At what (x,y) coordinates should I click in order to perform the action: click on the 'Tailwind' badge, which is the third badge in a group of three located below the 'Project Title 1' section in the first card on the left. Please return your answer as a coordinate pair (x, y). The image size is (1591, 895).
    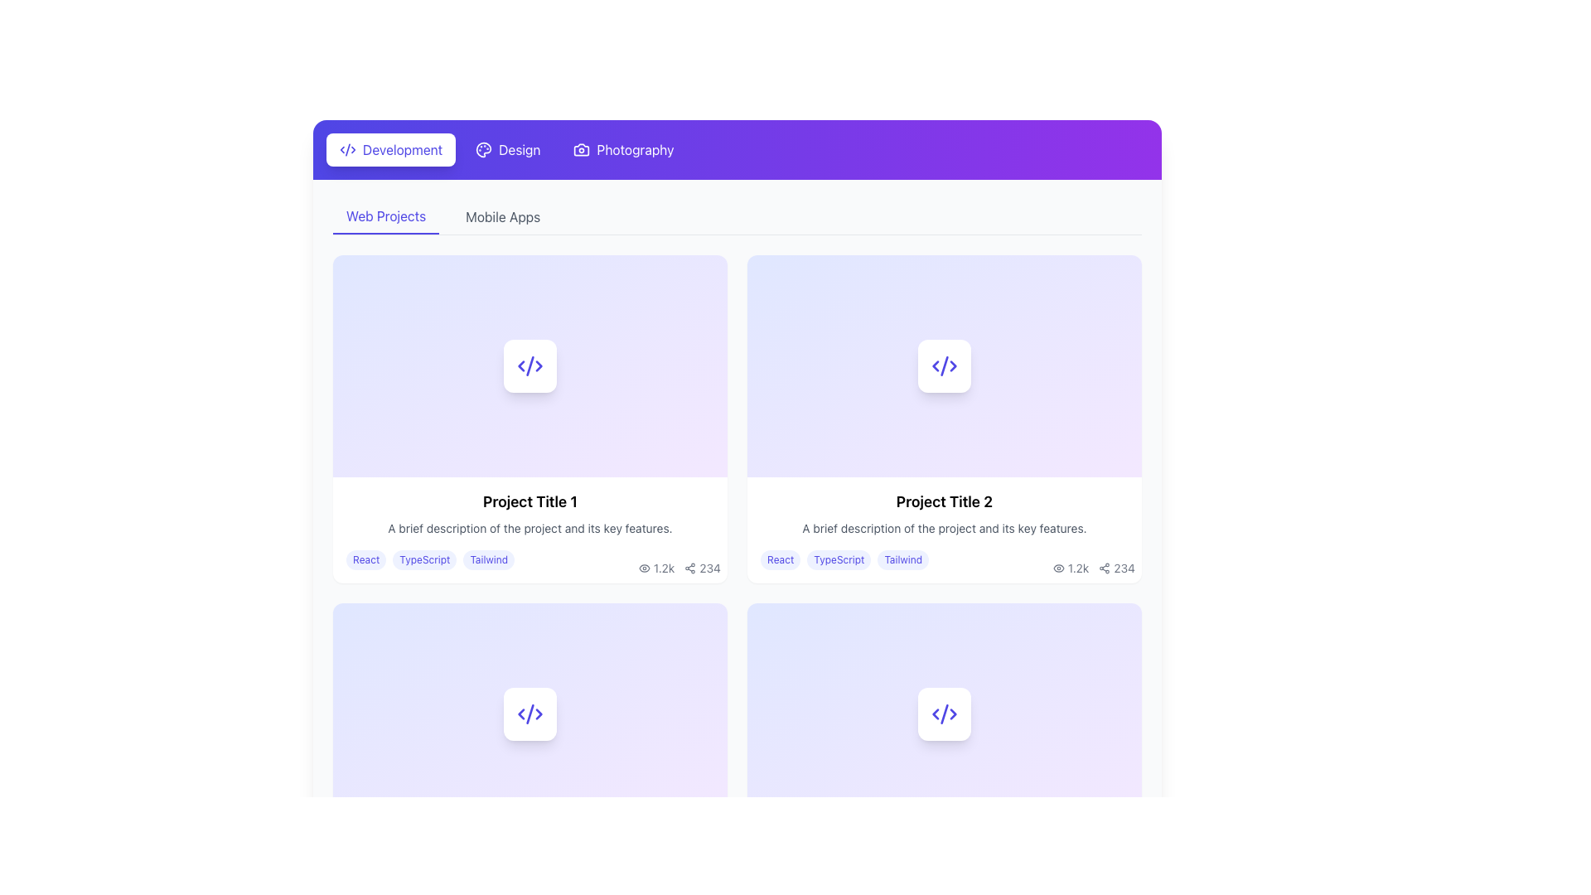
    Looking at the image, I should click on (488, 559).